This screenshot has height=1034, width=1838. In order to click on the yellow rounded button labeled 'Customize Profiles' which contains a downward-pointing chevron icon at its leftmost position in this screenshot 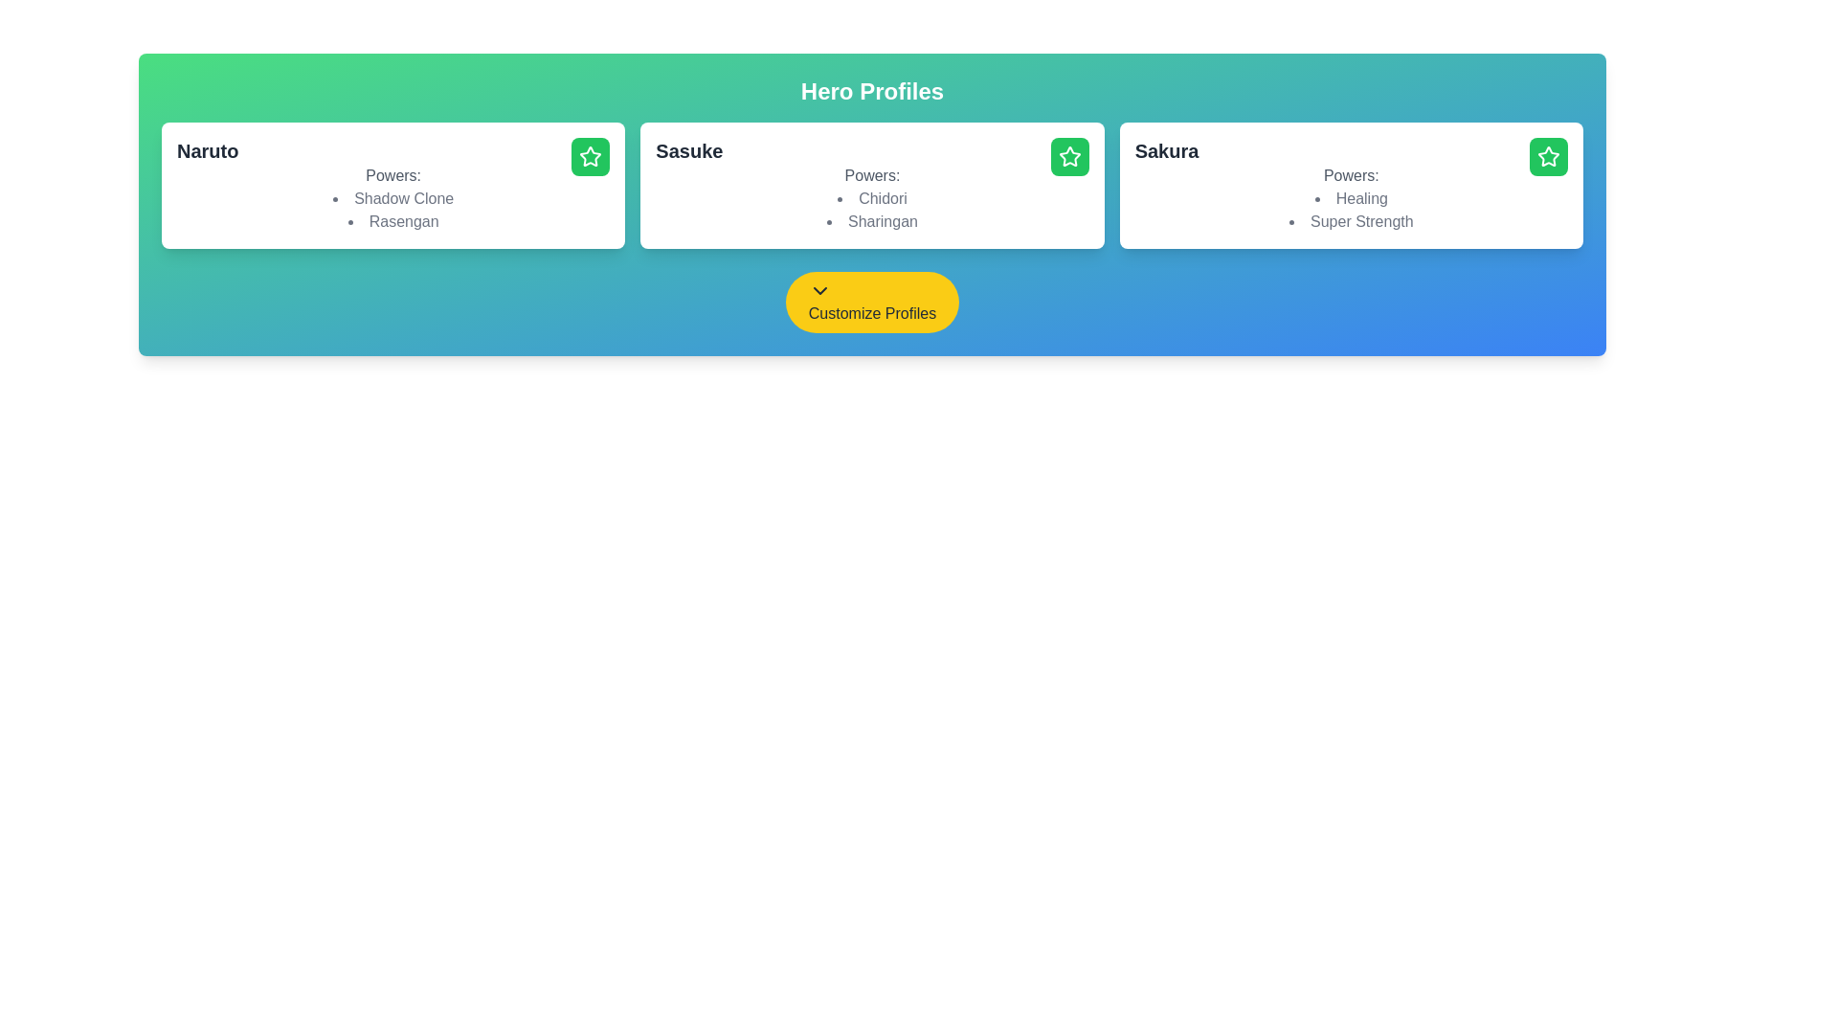, I will do `click(819, 291)`.